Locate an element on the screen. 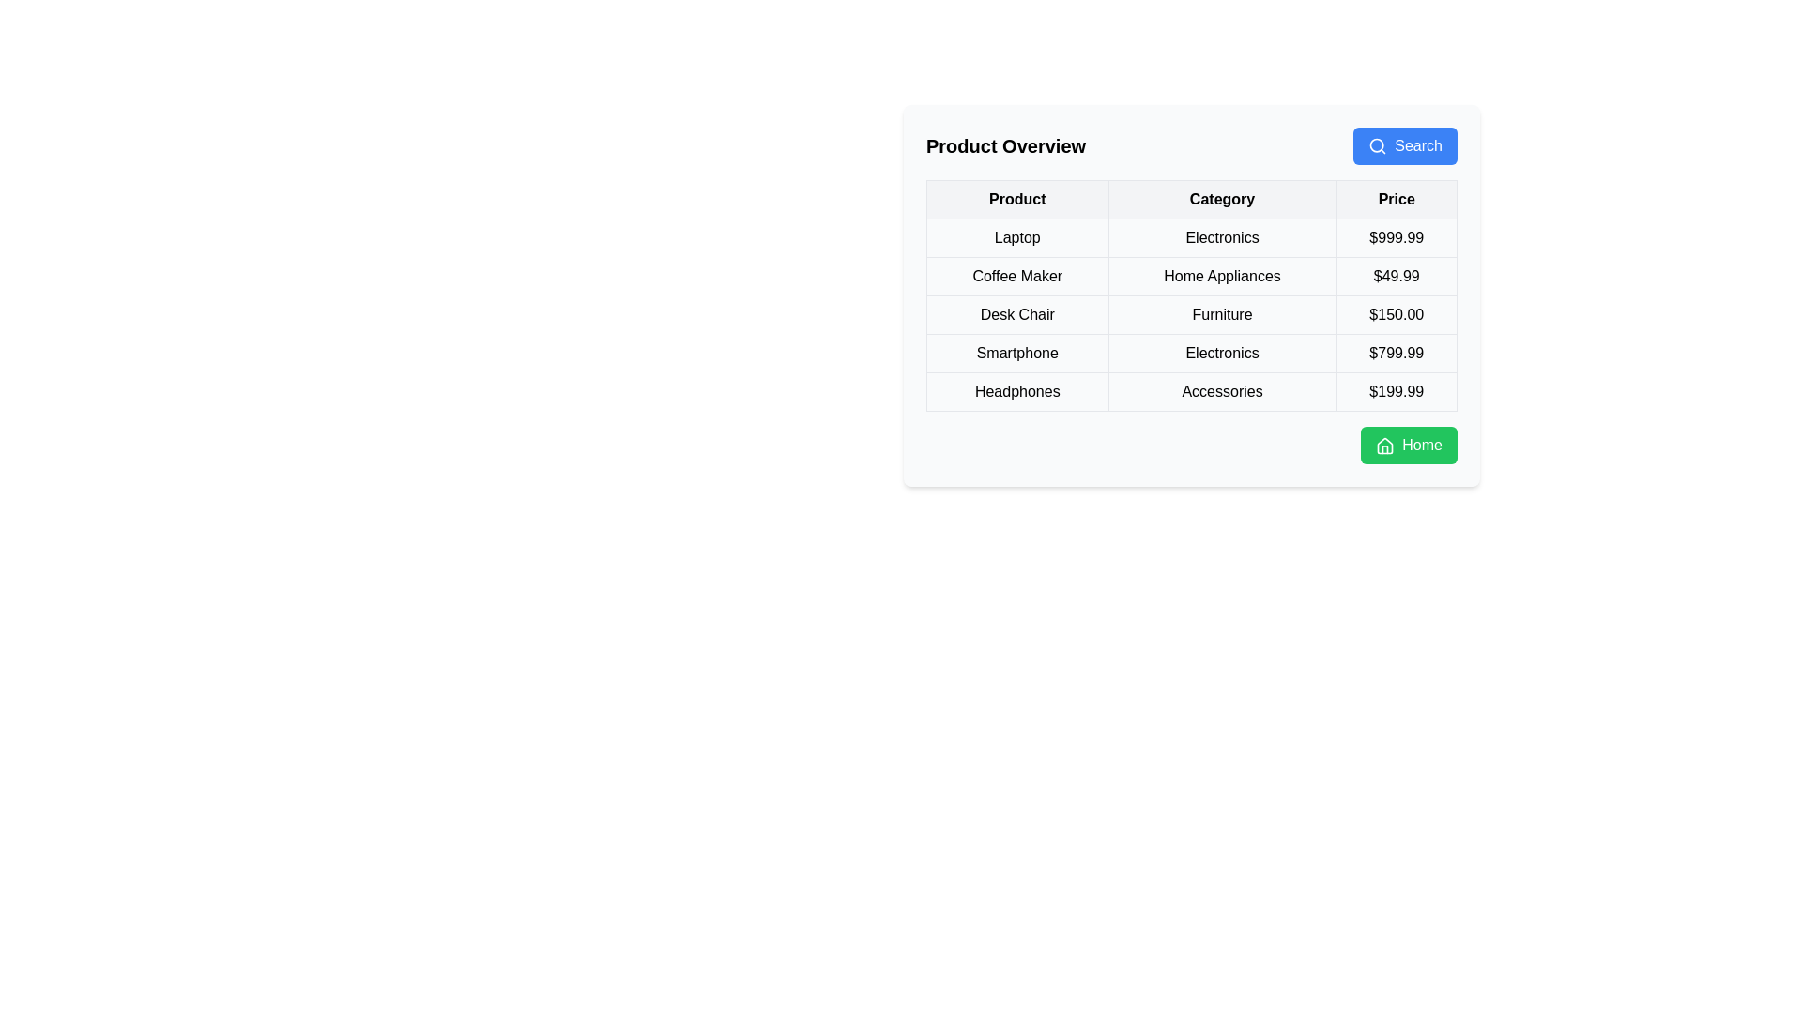 The image size is (1802, 1013). the static text cell displaying 'Accessories' in the 'Category' column of the table, which is styled in plain black font on a light background and is positioned slightly right of center is located at coordinates (1222, 390).